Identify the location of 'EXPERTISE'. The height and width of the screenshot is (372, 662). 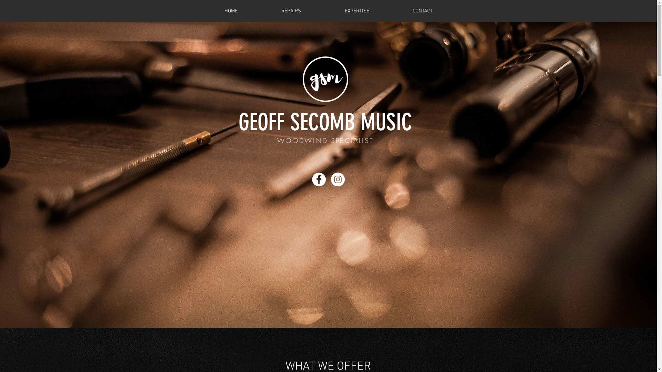
(357, 11).